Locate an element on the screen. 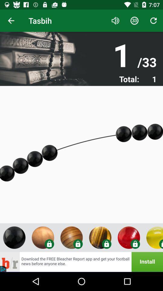  item to the left of the tasbih icon is located at coordinates (11, 21).